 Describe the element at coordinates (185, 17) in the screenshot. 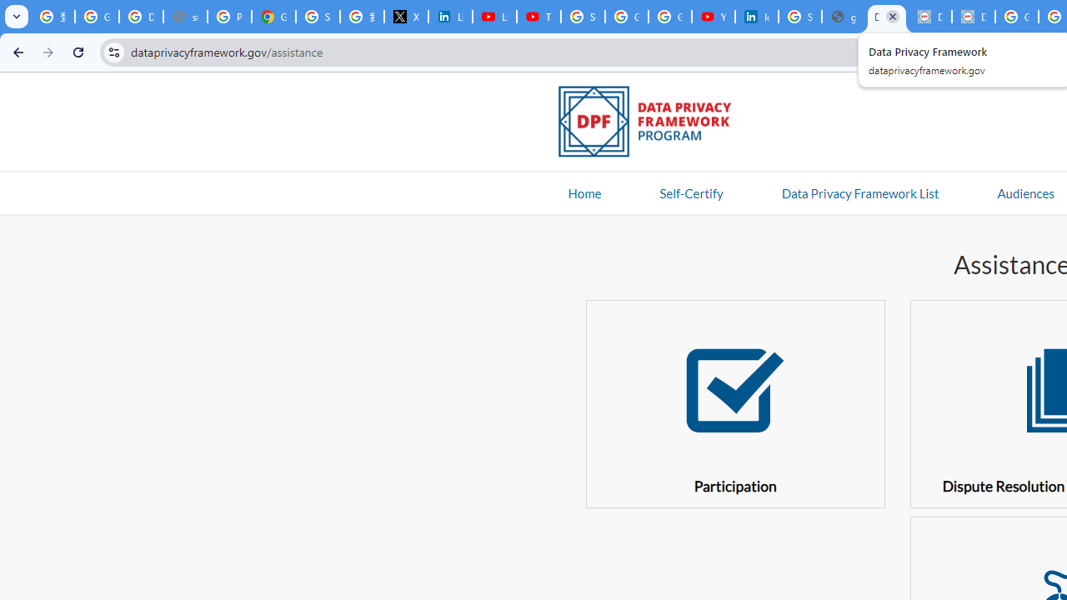

I see `'support.google.com - Network error'` at that location.